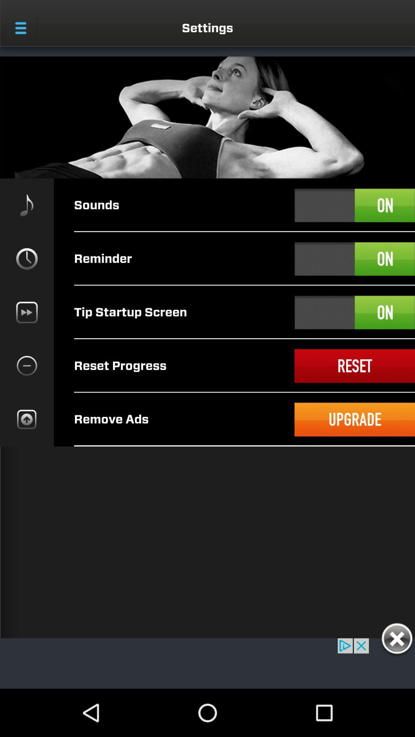  What do you see at coordinates (355, 259) in the screenshot?
I see `on` at bounding box center [355, 259].